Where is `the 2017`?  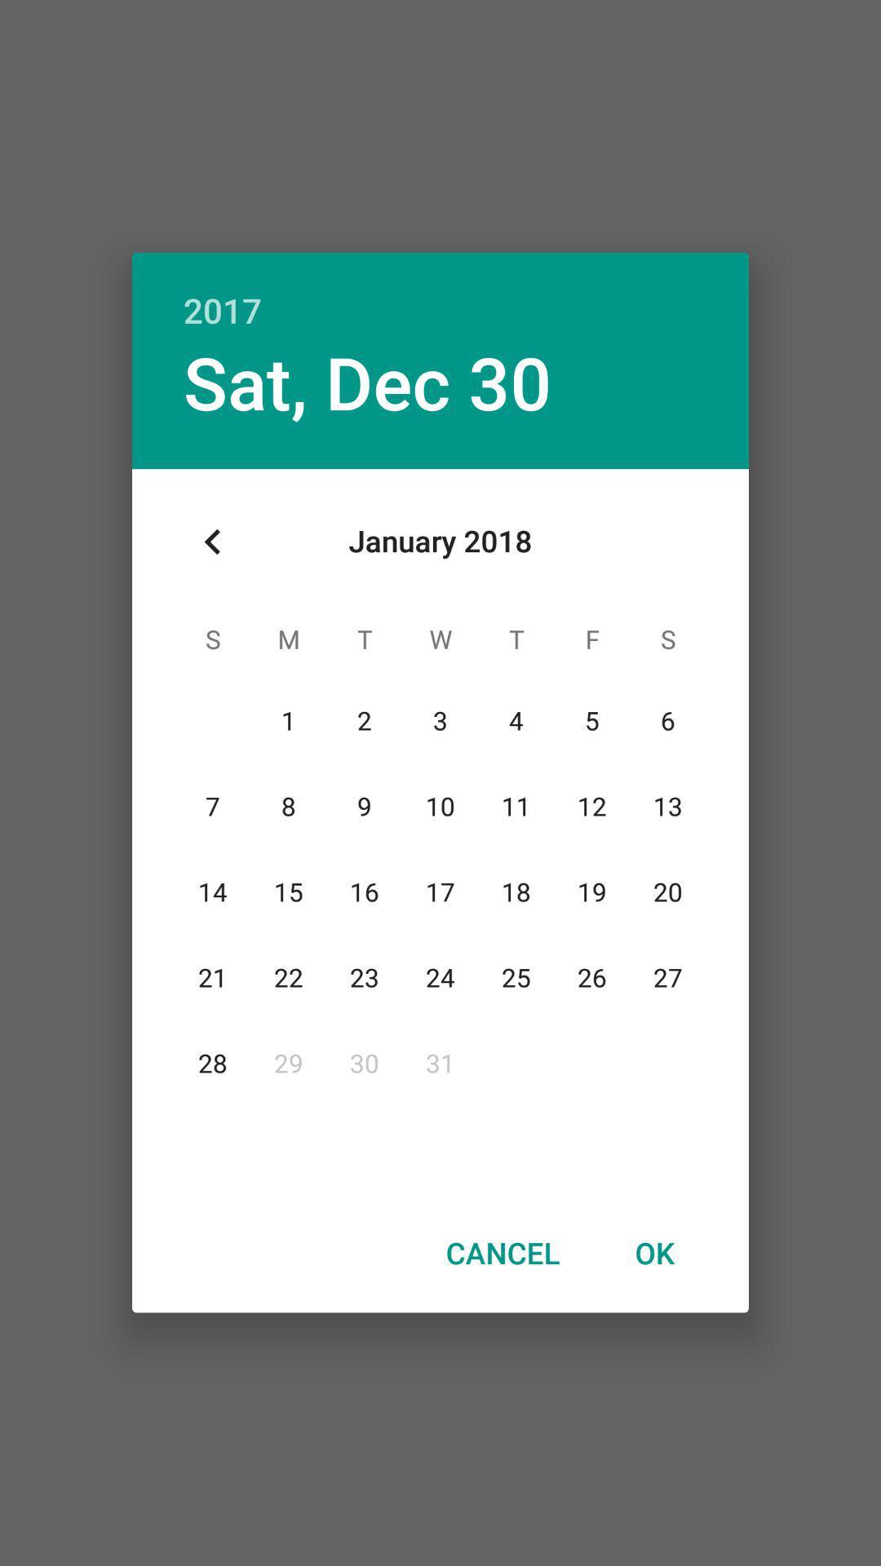 the 2017 is located at coordinates (440, 293).